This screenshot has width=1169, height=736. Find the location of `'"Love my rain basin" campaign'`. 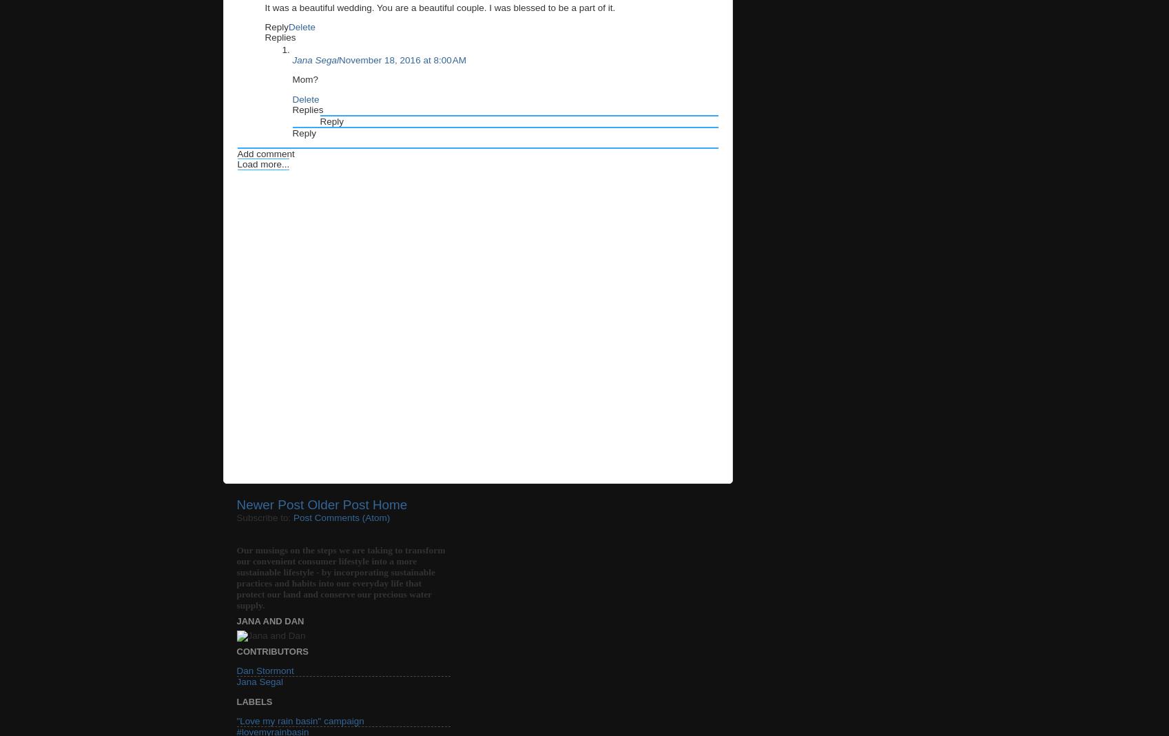

'"Love my rain basin" campaign' is located at coordinates (299, 721).